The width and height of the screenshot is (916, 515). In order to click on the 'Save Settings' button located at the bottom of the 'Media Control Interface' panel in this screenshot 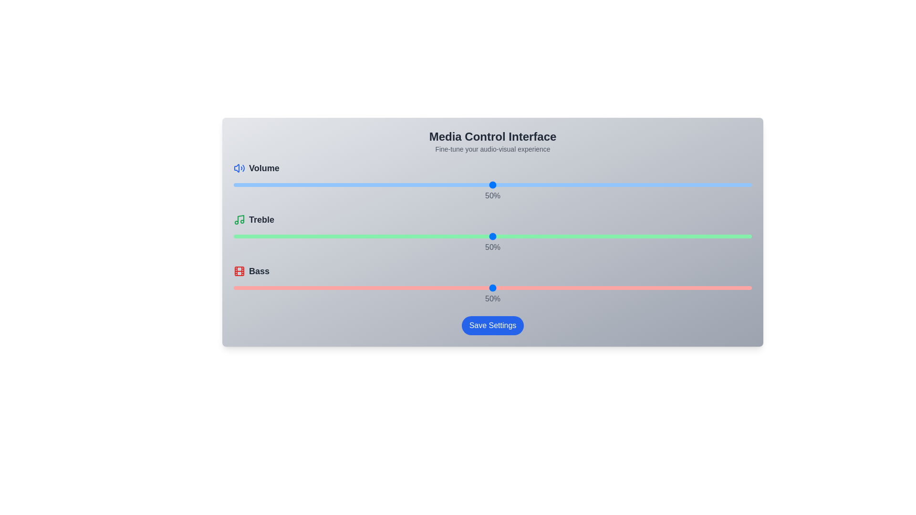, I will do `click(492, 325)`.